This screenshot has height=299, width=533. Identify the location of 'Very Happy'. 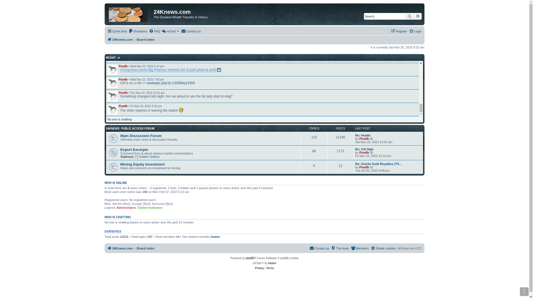
(179, 110).